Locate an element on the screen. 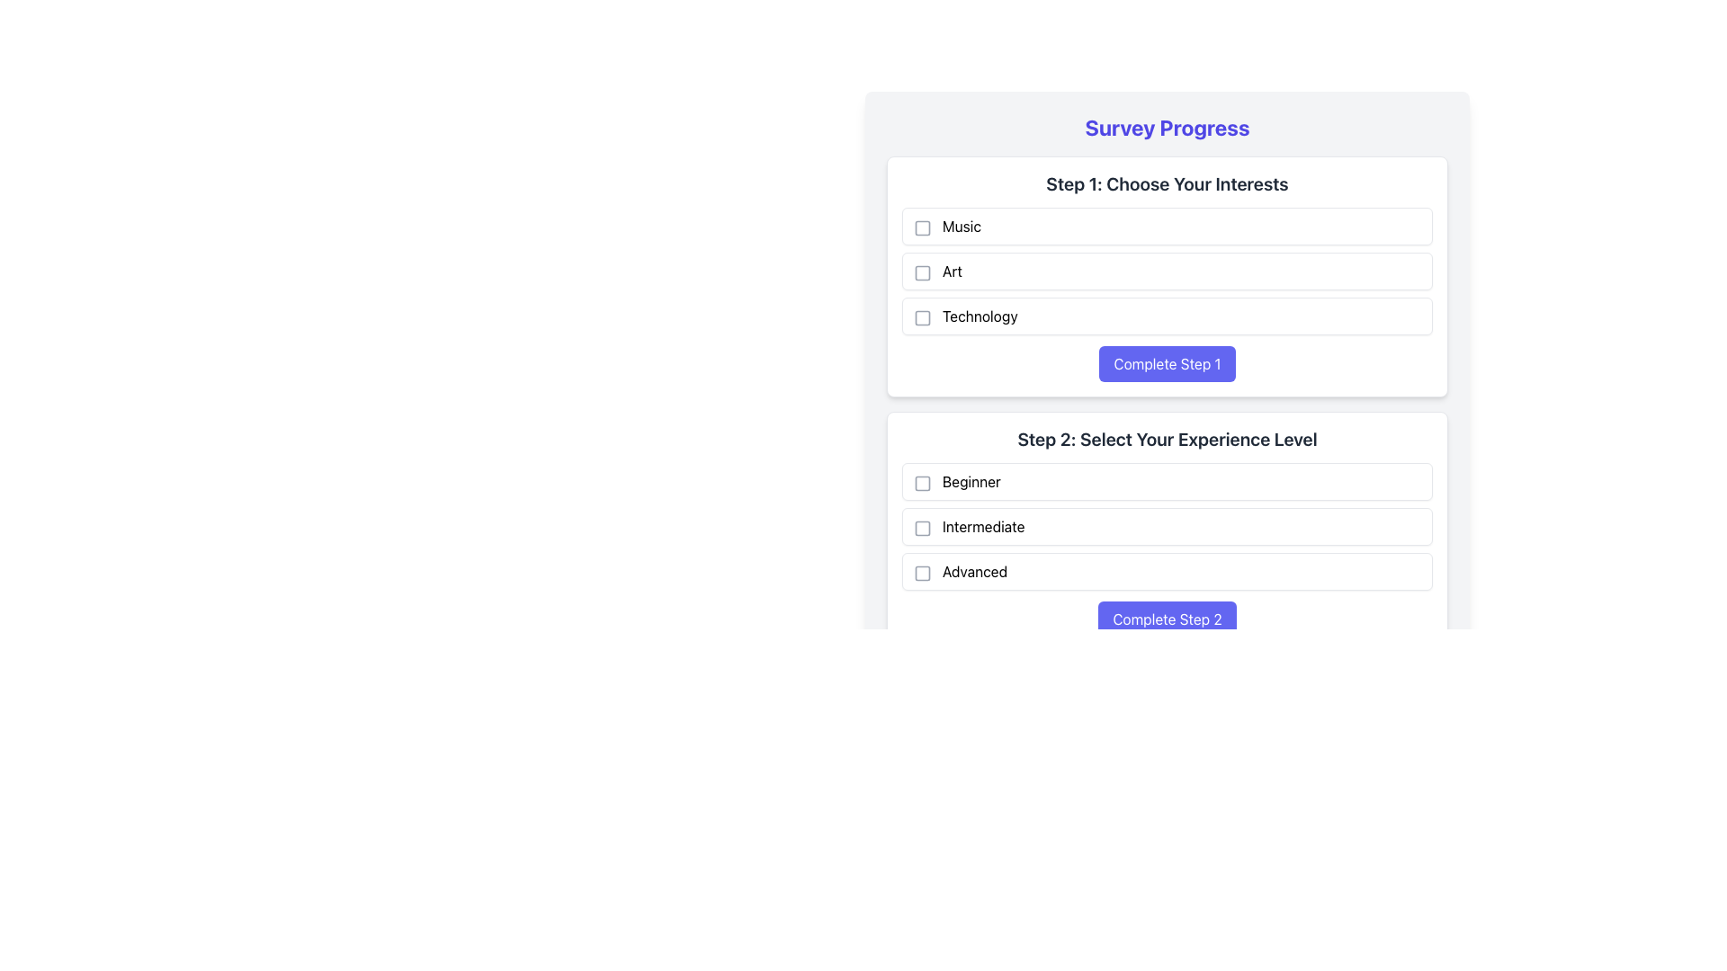 This screenshot has height=971, width=1727. the 'Technology' checkbox in the survey form is located at coordinates (1167, 315).